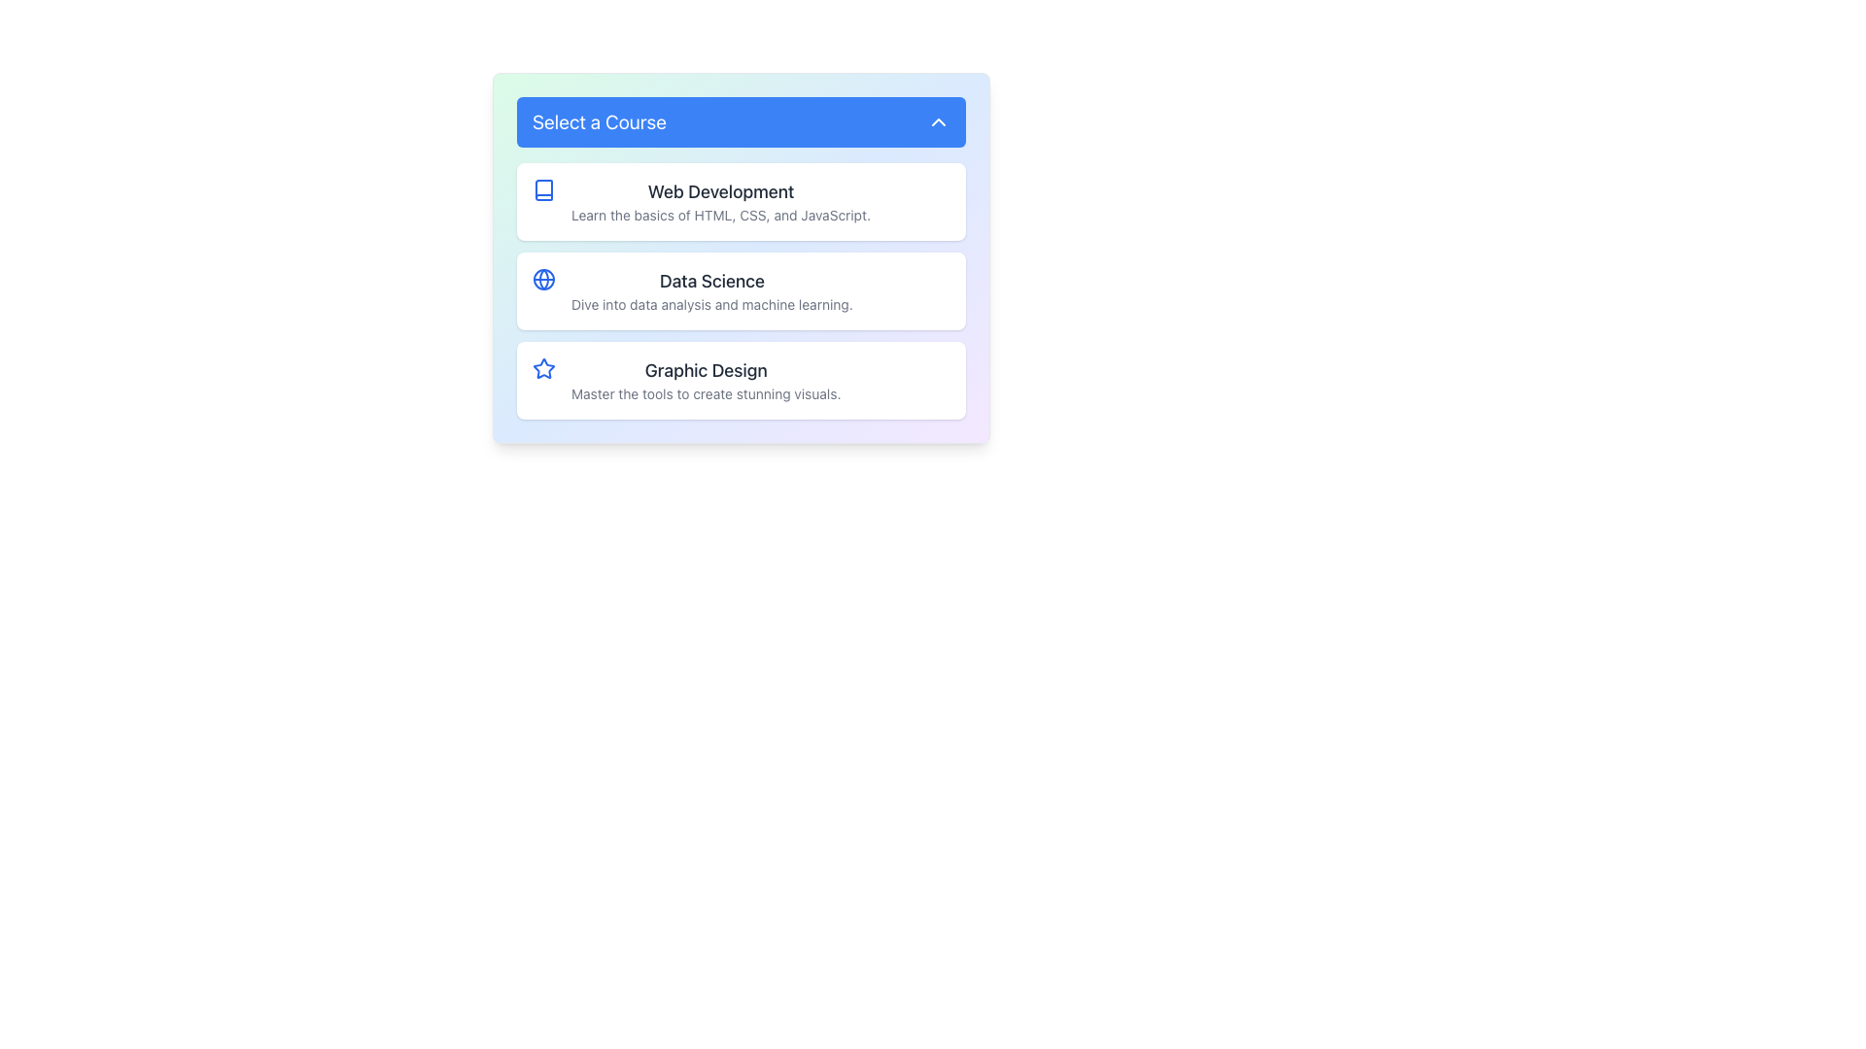 The width and height of the screenshot is (1866, 1049). I want to click on the 'Web Development' text block, which contains a headline in bold and a subtext in a lighter font, located within the first section of a vertical list under a blue header titled 'Select a Course', so click(720, 202).